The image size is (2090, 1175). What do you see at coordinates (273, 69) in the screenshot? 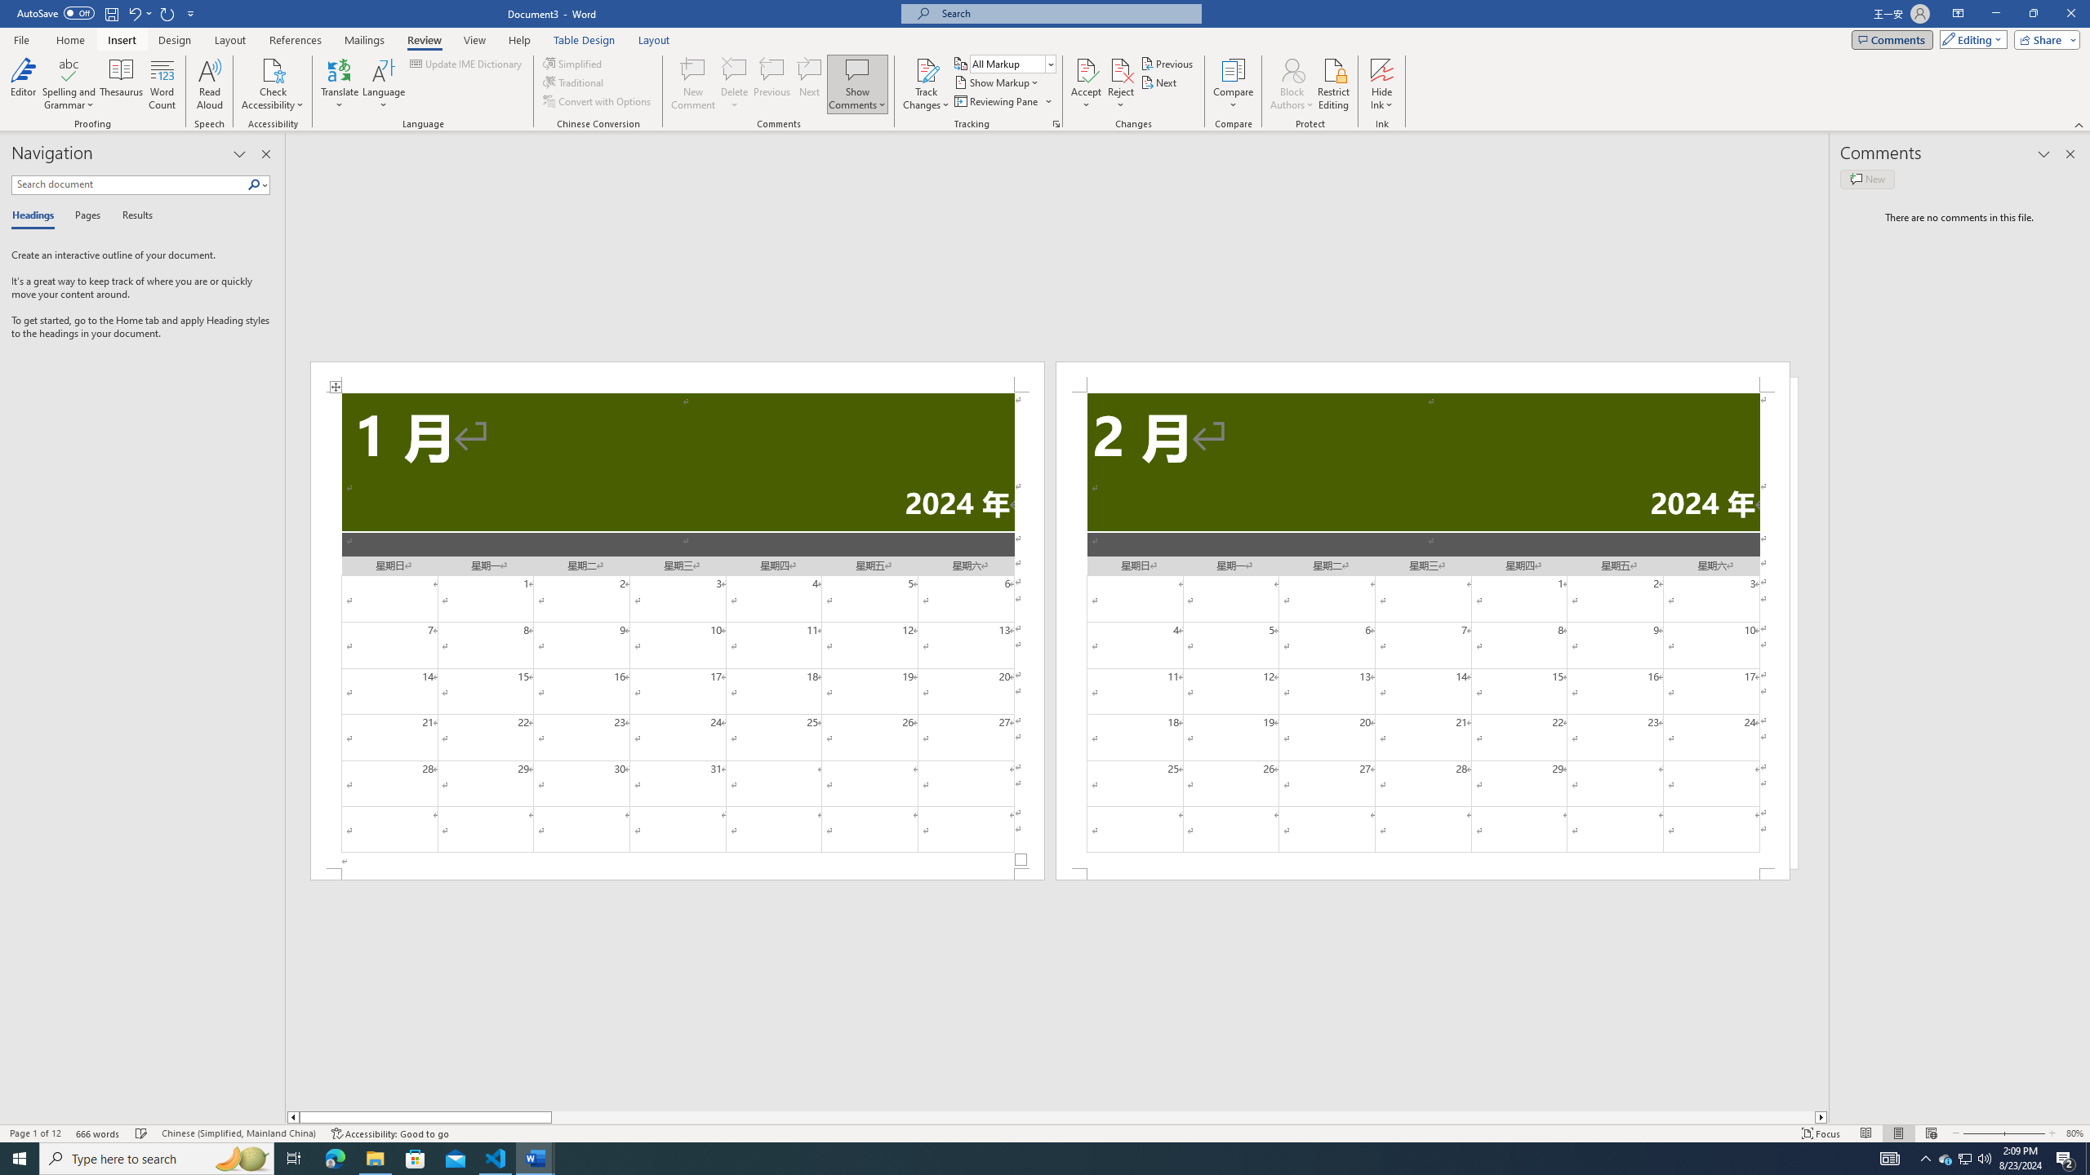
I see `'Check Accessibility'` at bounding box center [273, 69].